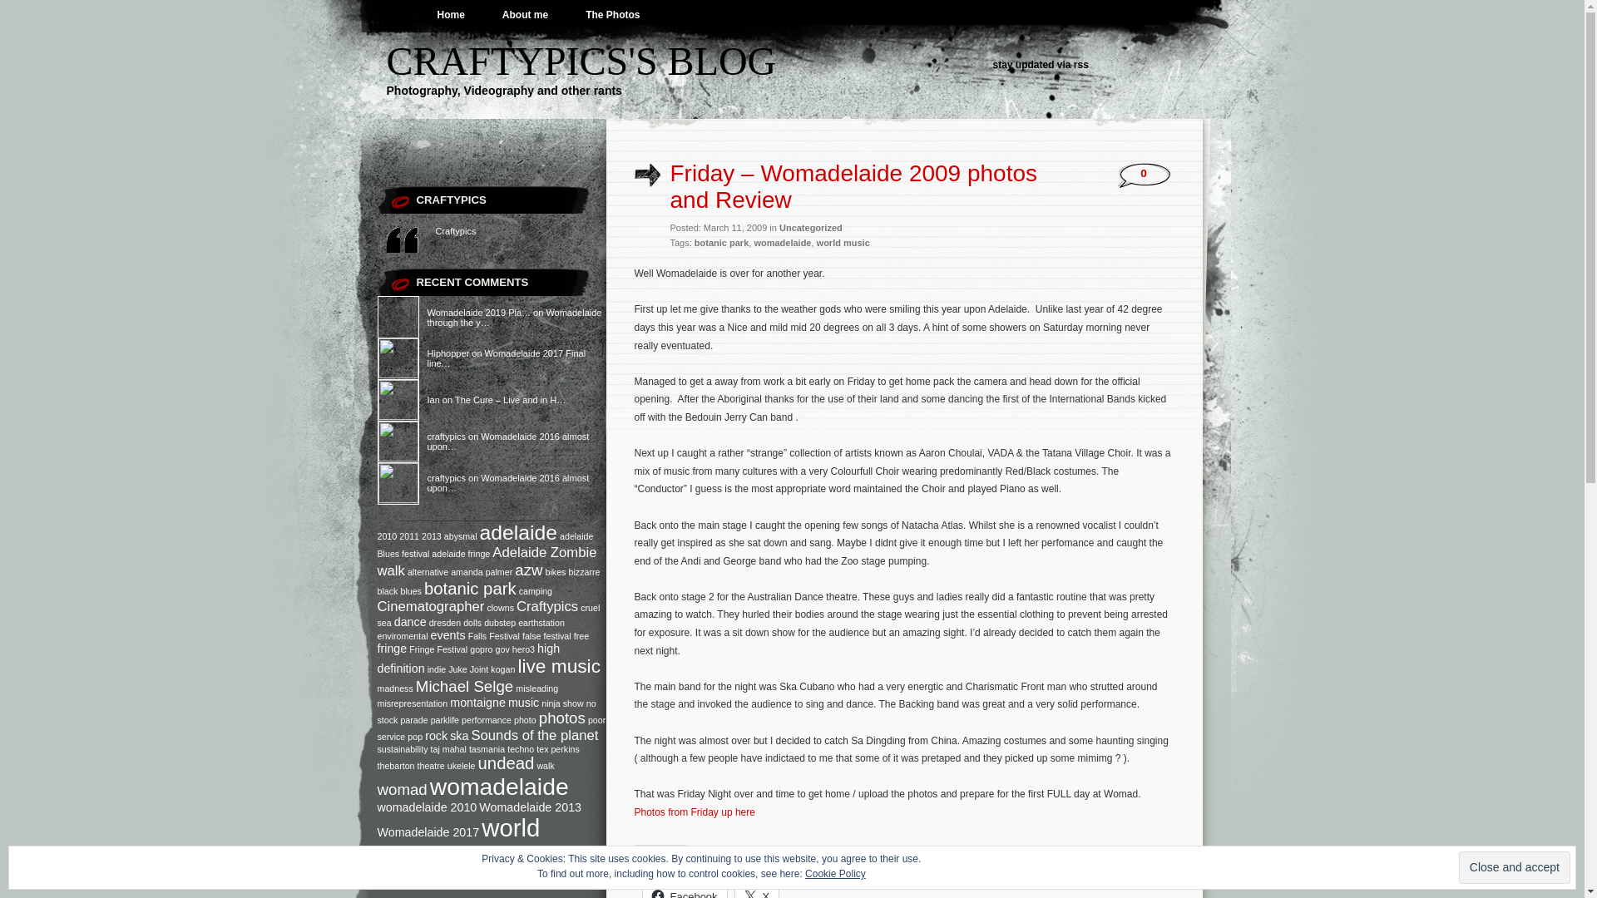 Image resolution: width=1597 pixels, height=898 pixels. I want to click on 'Womadelaide 2017', so click(428, 832).